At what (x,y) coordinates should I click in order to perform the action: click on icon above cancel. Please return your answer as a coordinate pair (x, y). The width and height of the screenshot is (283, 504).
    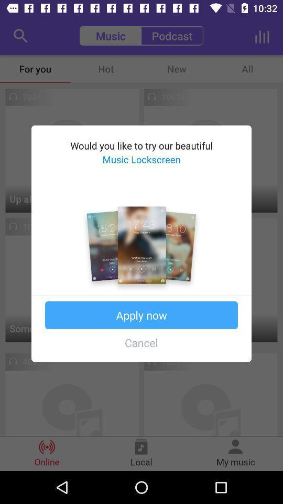
    Looking at the image, I should click on (141, 315).